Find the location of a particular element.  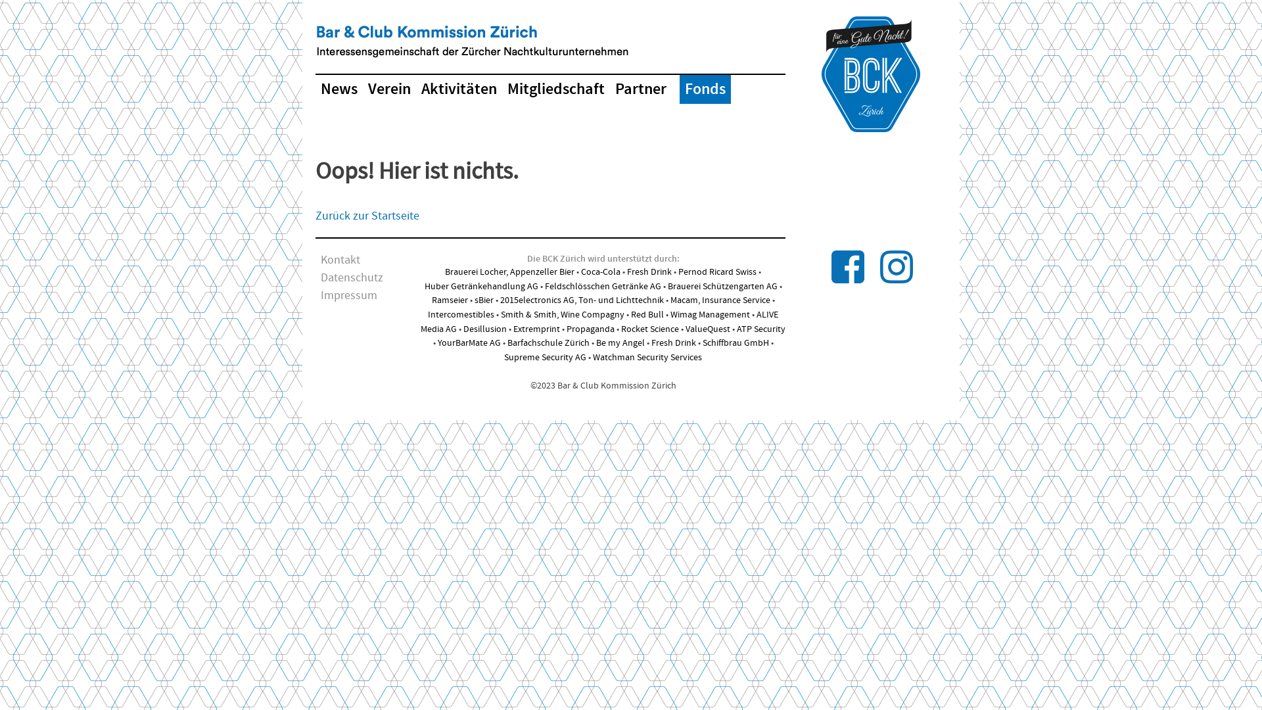

'Propaganda' is located at coordinates (590, 329).